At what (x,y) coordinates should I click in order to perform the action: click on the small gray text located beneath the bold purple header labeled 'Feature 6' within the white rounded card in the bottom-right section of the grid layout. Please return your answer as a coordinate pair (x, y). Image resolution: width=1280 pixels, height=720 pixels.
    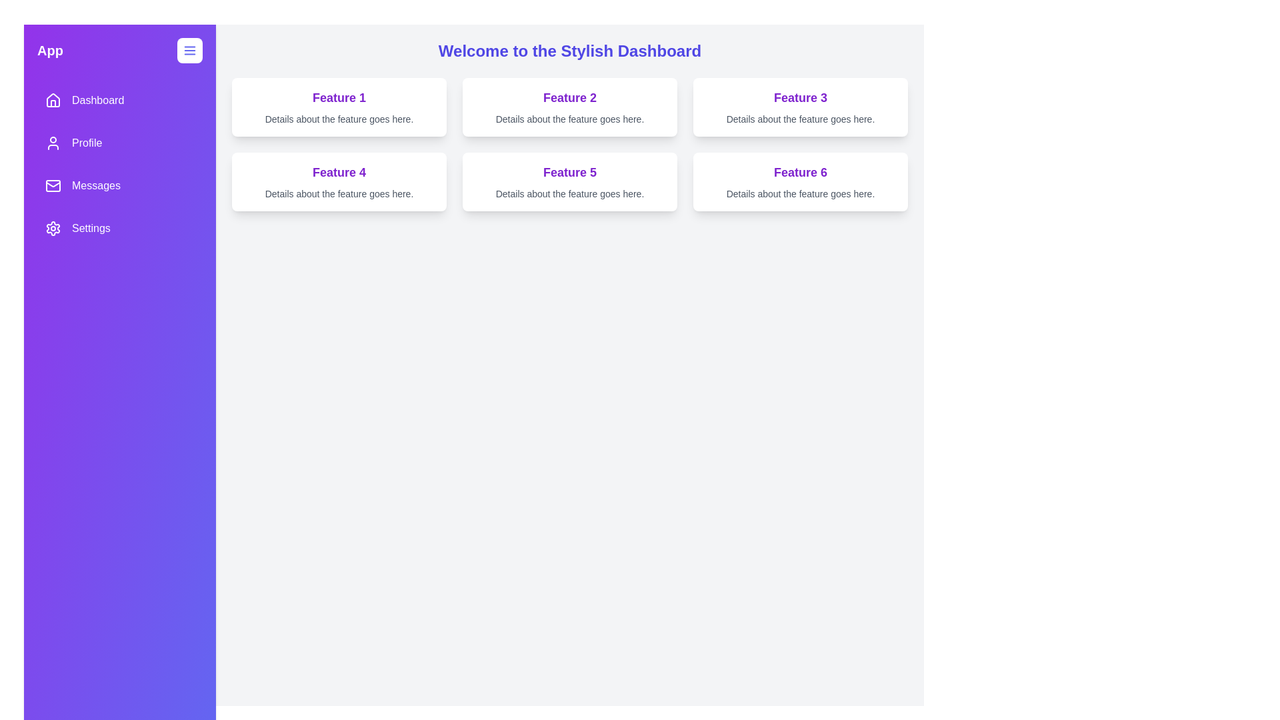
    Looking at the image, I should click on (800, 193).